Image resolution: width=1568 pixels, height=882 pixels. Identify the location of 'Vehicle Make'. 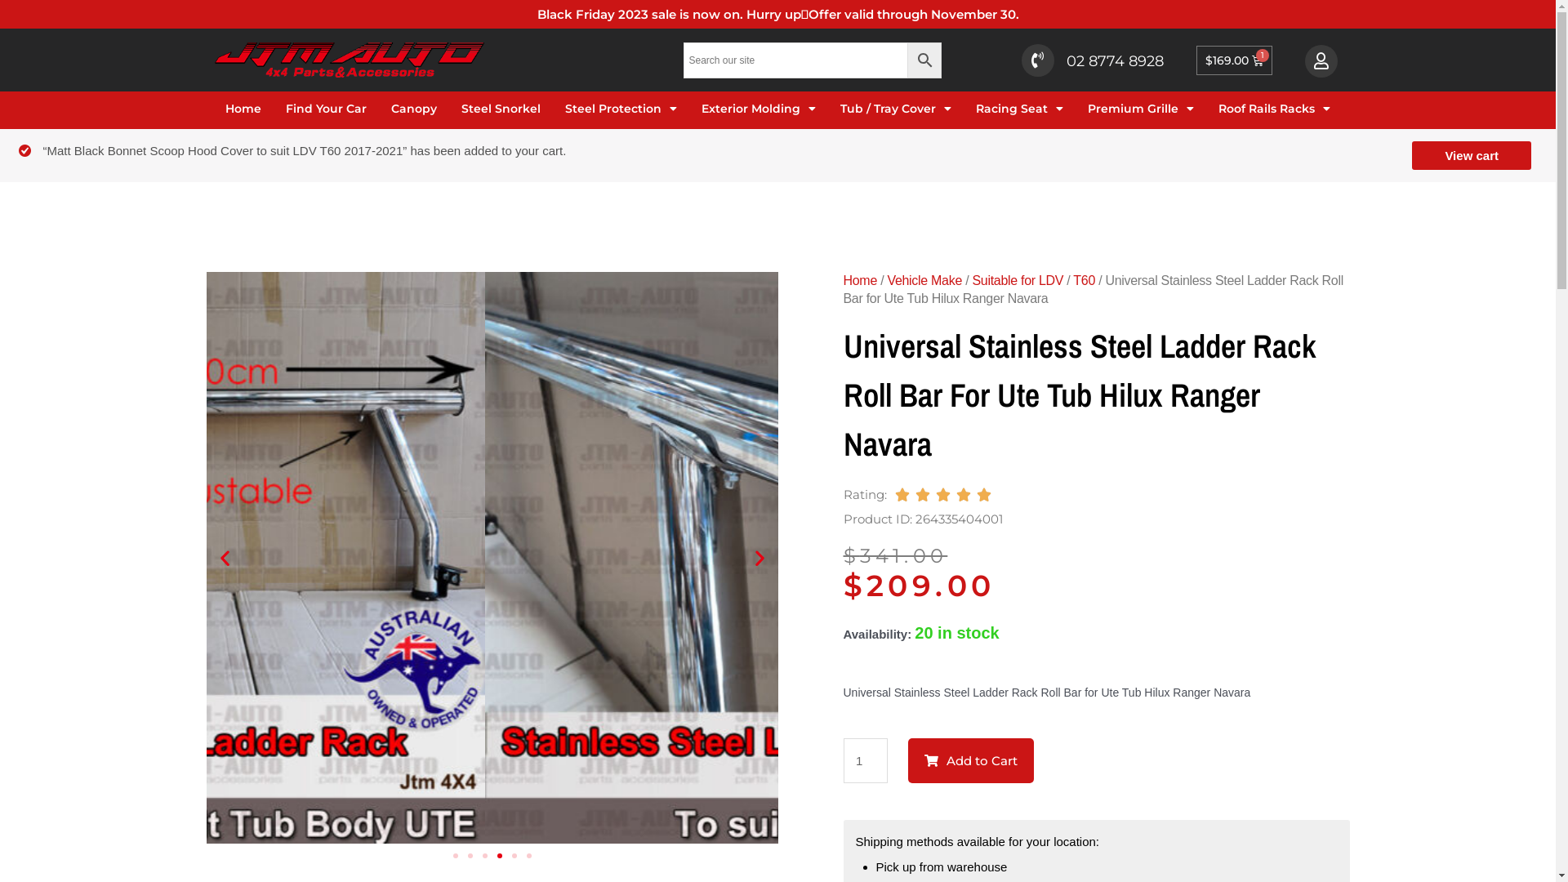
(885, 279).